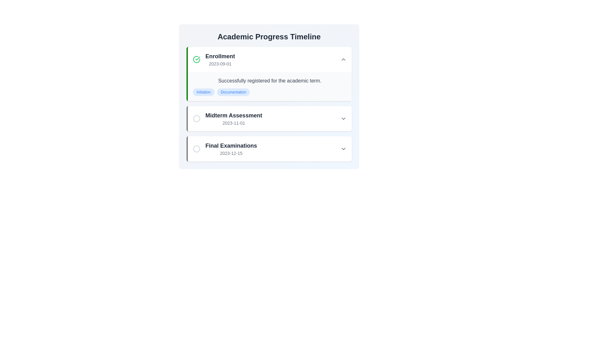 The image size is (604, 340). I want to click on the status indicator icon that visually represents the successful completion of the 'Enrollment' step, located to the left of the 'Enrollment' text, so click(196, 59).